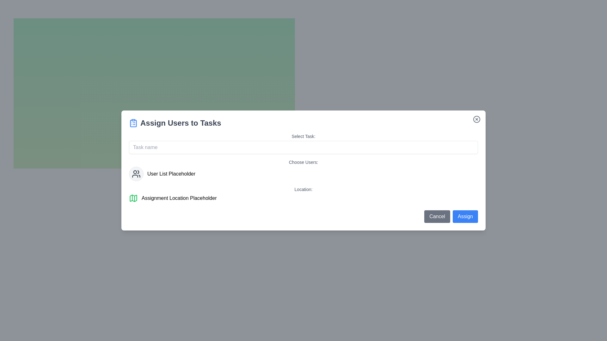 Image resolution: width=607 pixels, height=341 pixels. Describe the element at coordinates (136, 174) in the screenshot. I see `the circular user icon with a gray background and a pictogram of three heads and shoulders, located in the left part of the 'User List Placeholder' row` at that location.